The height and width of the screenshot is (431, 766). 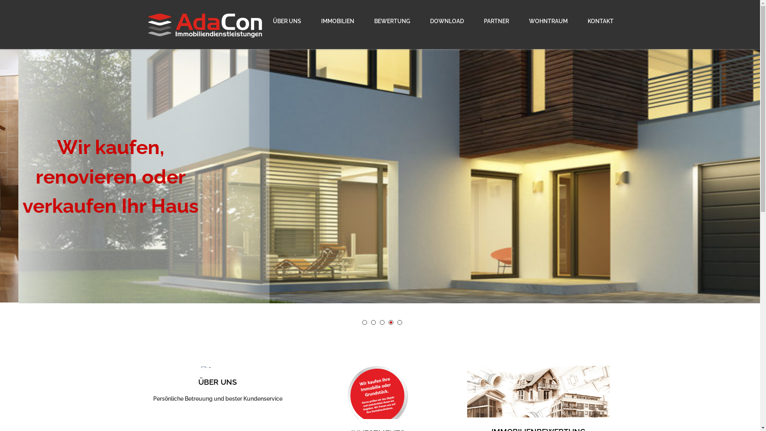 What do you see at coordinates (0, 4) in the screenshot?
I see `'Skip to content'` at bounding box center [0, 4].